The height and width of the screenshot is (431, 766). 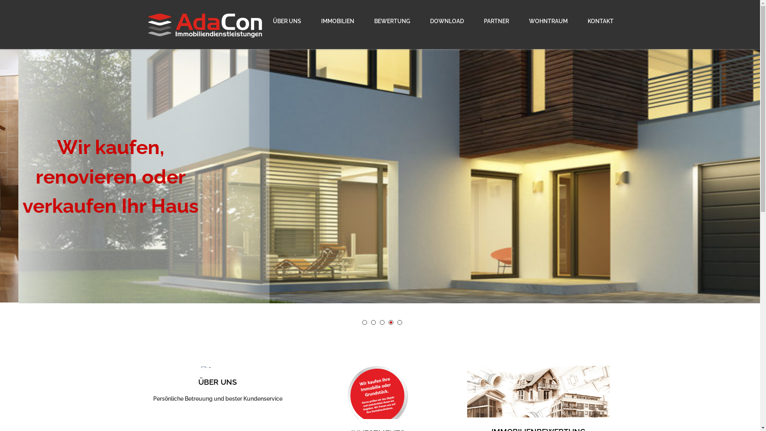 What do you see at coordinates (0, 4) in the screenshot?
I see `'Skip to content'` at bounding box center [0, 4].